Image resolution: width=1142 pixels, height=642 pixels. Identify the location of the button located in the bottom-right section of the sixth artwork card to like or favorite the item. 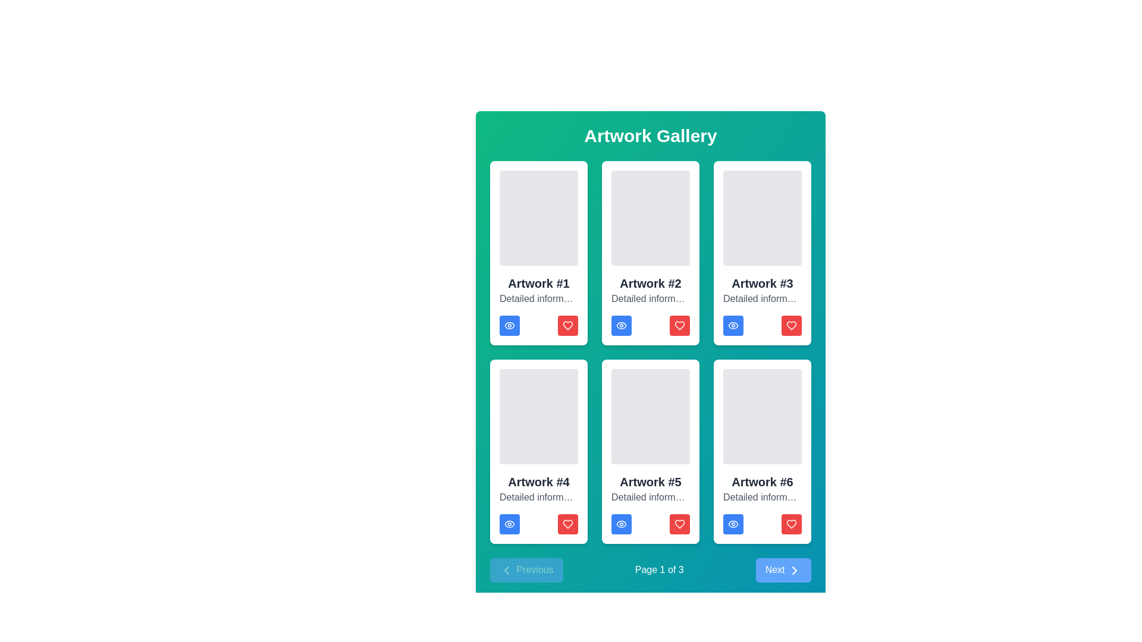
(791, 524).